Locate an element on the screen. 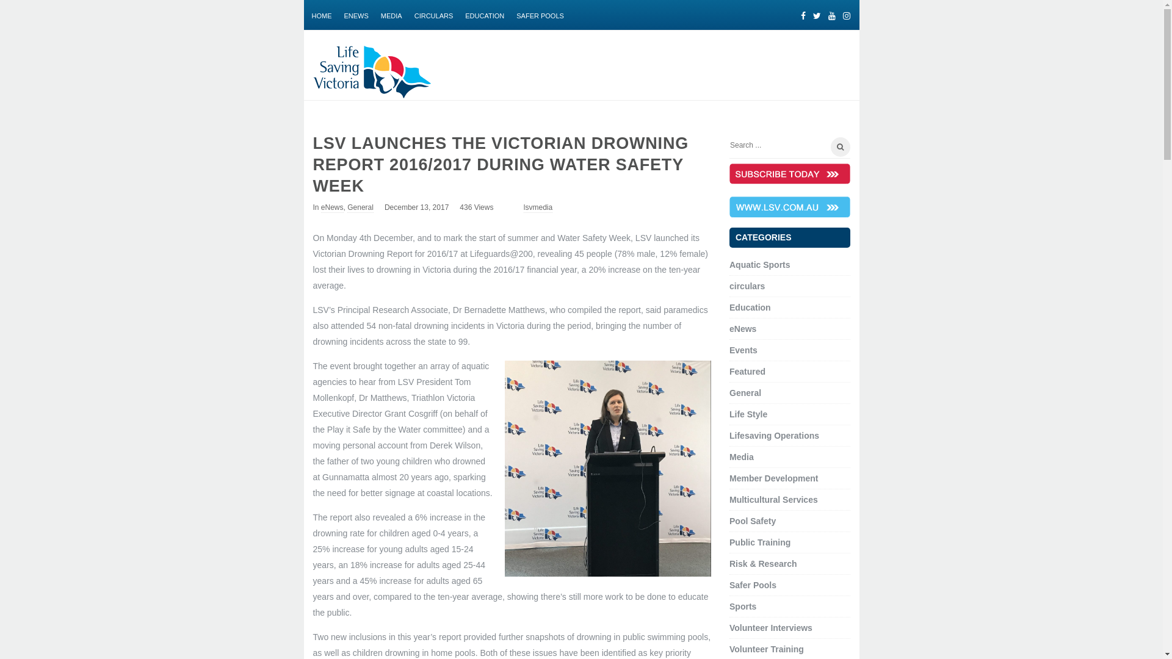 The height and width of the screenshot is (659, 1172). 'CIRCULARS' is located at coordinates (433, 15).